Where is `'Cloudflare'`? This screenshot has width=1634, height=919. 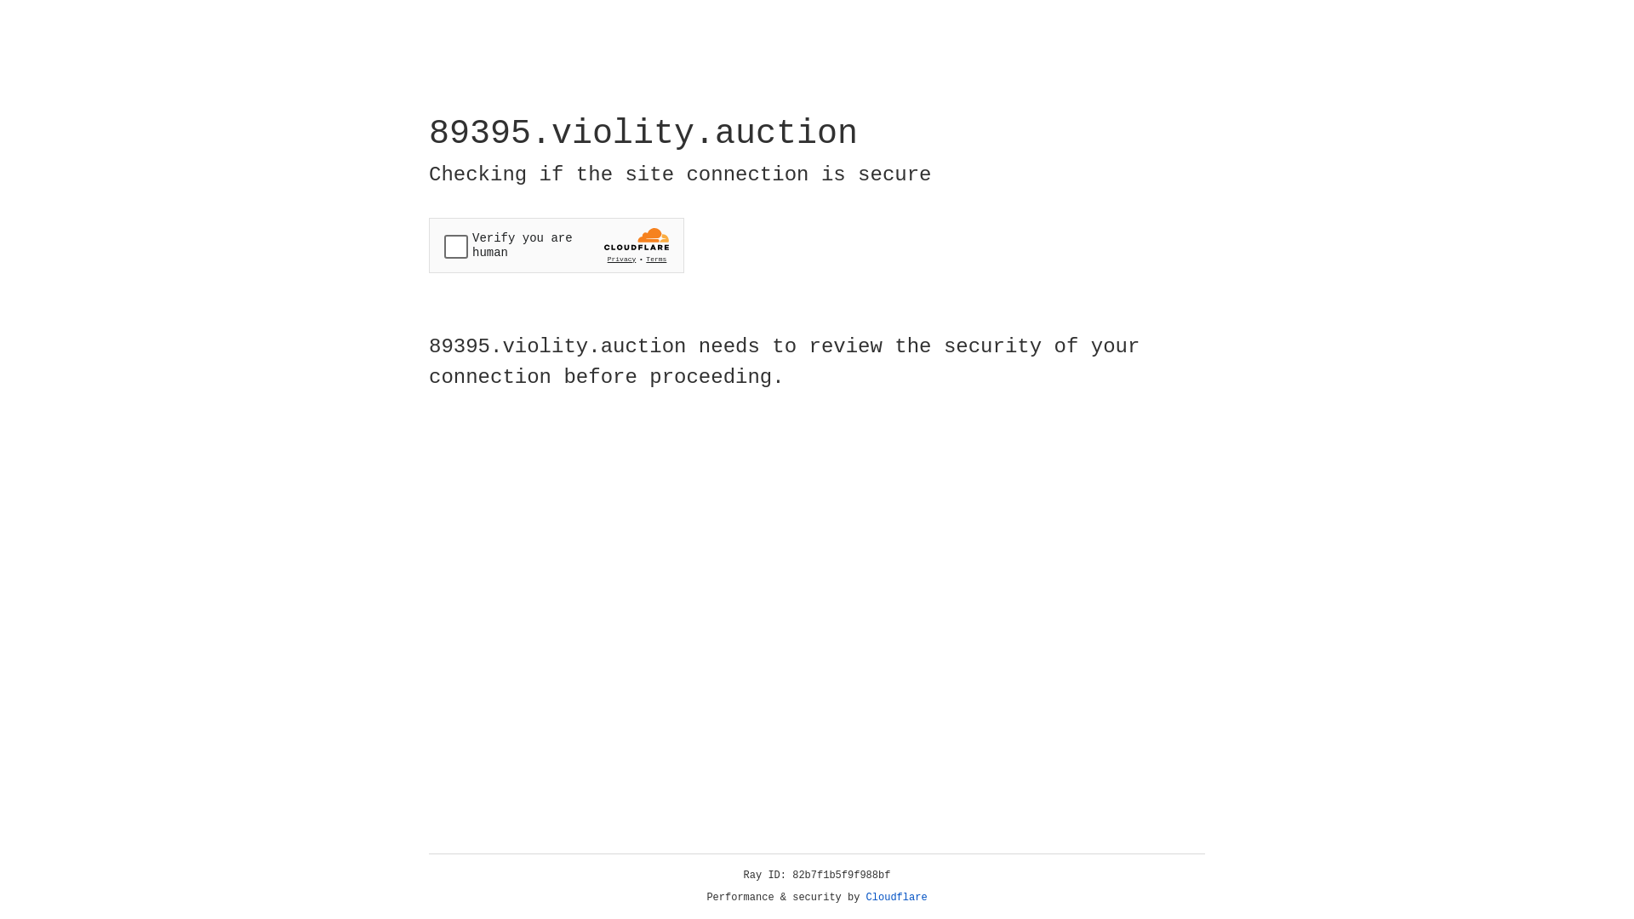 'Cloudflare' is located at coordinates (896, 897).